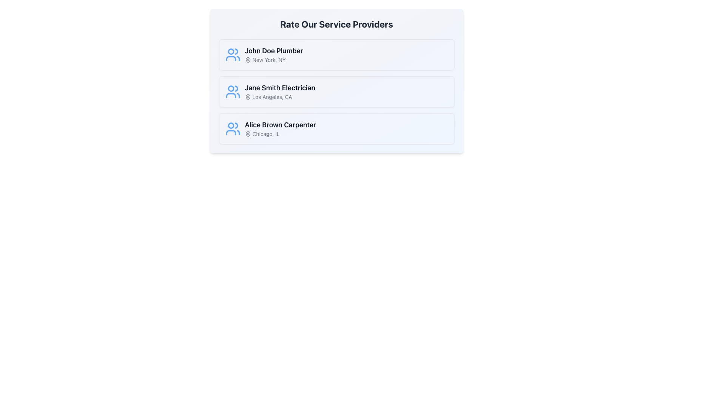 The height and width of the screenshot is (408, 725). What do you see at coordinates (248, 59) in the screenshot?
I see `the location icon positioned to the left of the text 'New York, NY' in the first row of entries` at bounding box center [248, 59].